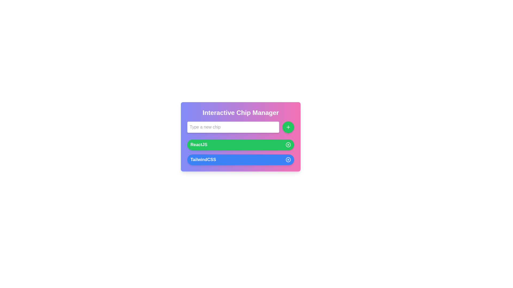 The image size is (513, 288). What do you see at coordinates (288, 159) in the screenshot?
I see `the circular graphic element located in the bottom-right corner of the 'TailwindCSS' chip, which is a thinly outlined circle within an SVG` at bounding box center [288, 159].